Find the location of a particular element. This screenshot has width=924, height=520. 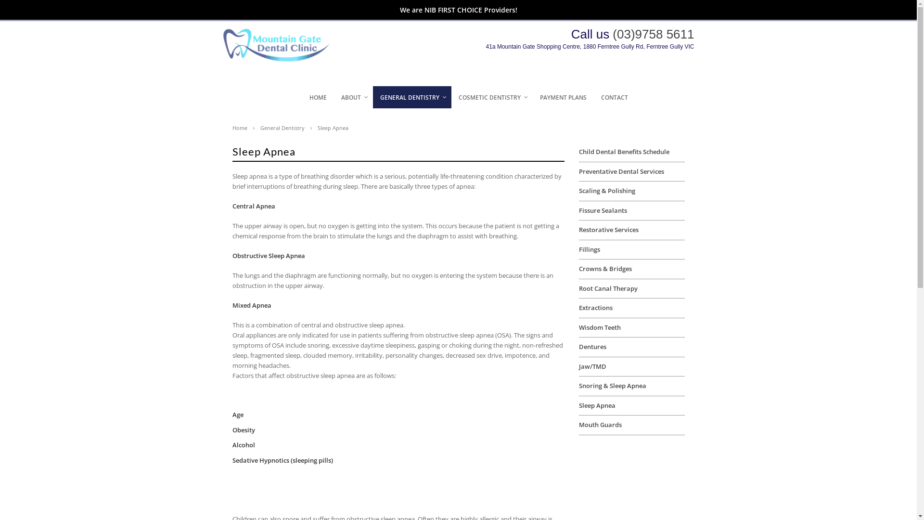

'Crowns & Bridges' is located at coordinates (604, 269).